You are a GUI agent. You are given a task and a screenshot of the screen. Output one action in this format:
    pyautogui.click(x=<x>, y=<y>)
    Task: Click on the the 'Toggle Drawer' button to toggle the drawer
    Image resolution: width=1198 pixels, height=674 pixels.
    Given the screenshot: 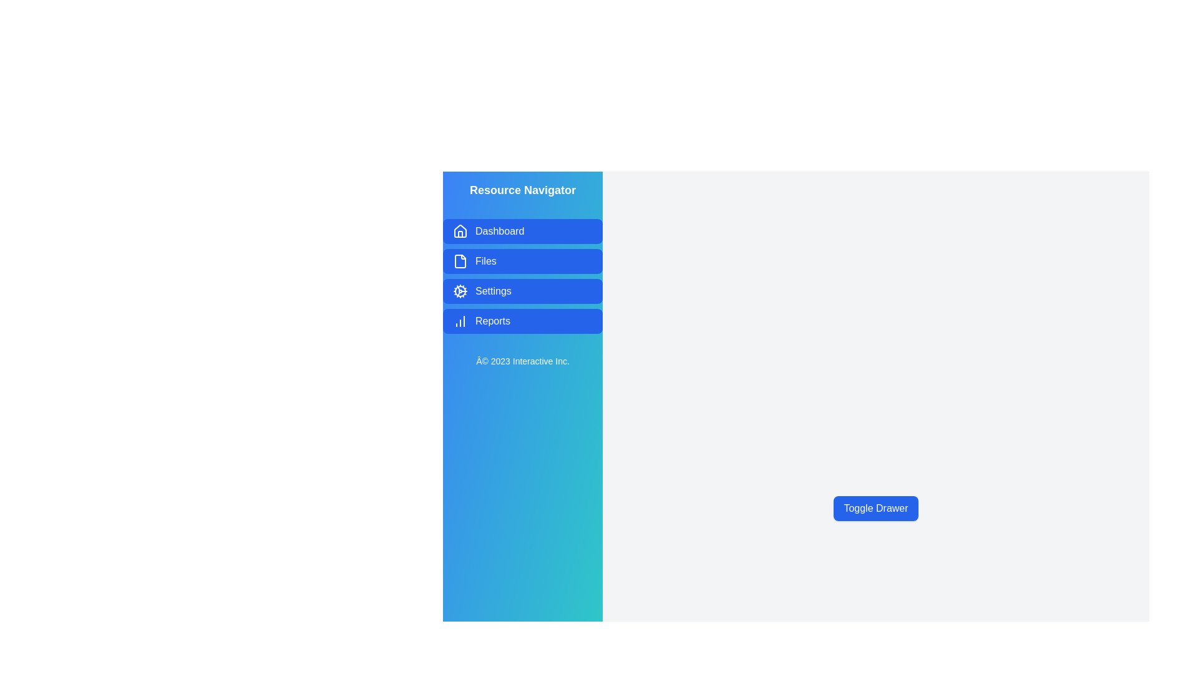 What is the action you would take?
    pyautogui.click(x=875, y=508)
    